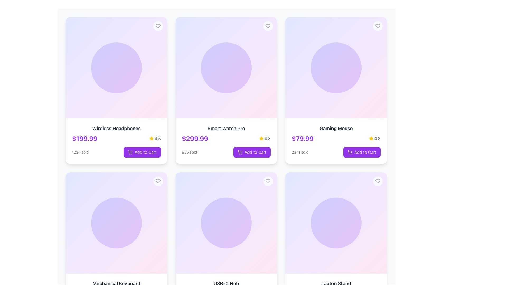 The width and height of the screenshot is (507, 285). What do you see at coordinates (268, 181) in the screenshot?
I see `the favorite action button located in the top-right corner of the second row product card to observe the scaling effect` at bounding box center [268, 181].